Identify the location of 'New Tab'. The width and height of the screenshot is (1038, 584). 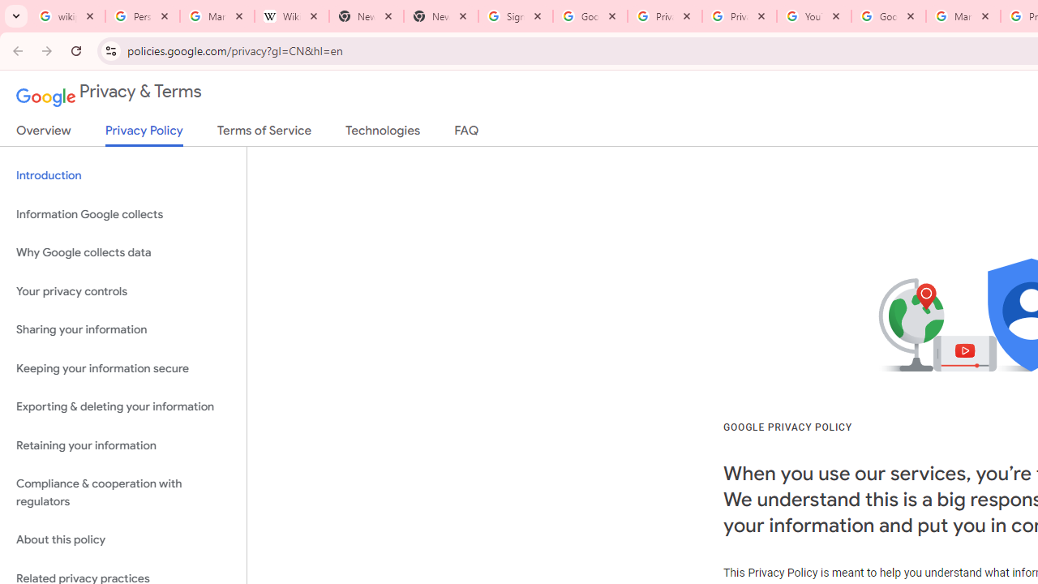
(441, 16).